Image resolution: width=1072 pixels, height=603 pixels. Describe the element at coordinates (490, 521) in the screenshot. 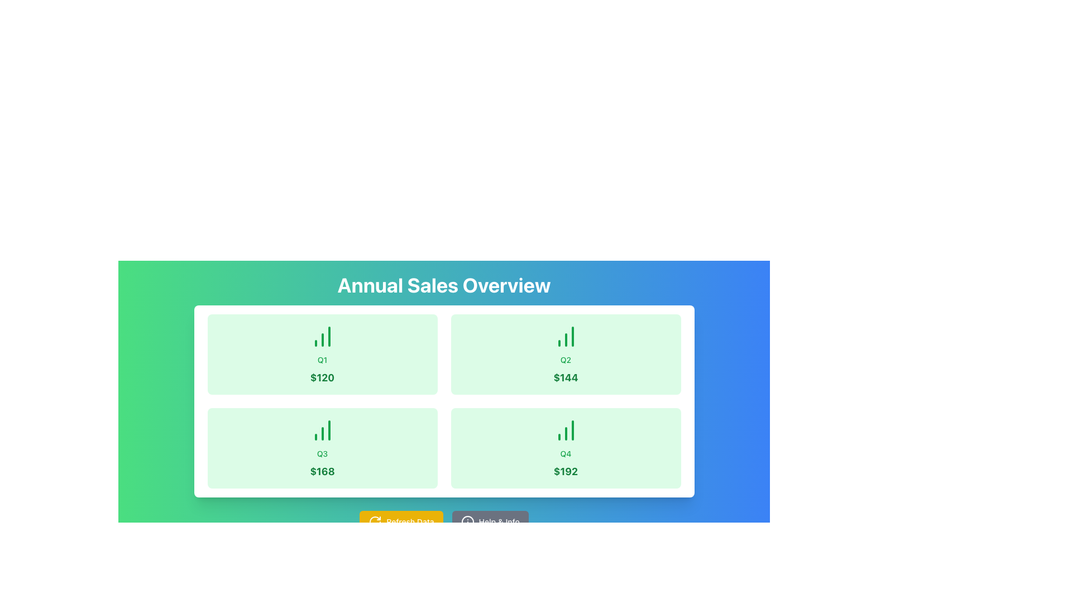

I see `the 'Help & Info' button located to the right of the 'Refresh Data' button` at that location.